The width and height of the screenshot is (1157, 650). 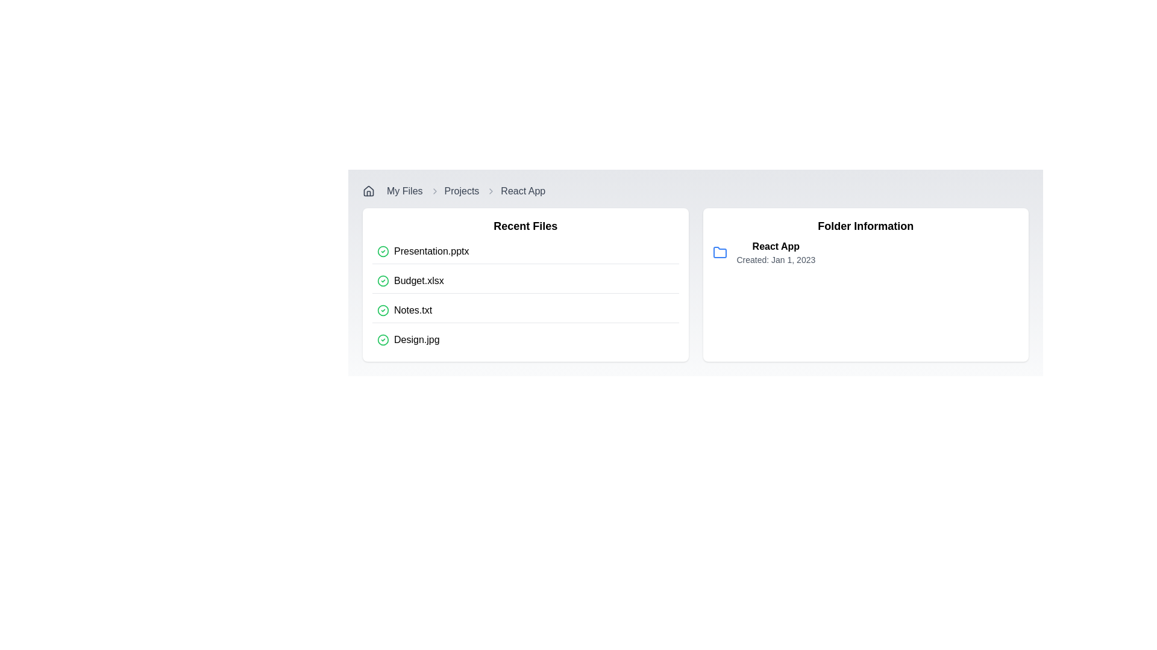 What do you see at coordinates (525, 226) in the screenshot?
I see `the bold, medium-sized, black-colored text label reading 'Recent Files', which serves as a section heading above a list of files` at bounding box center [525, 226].